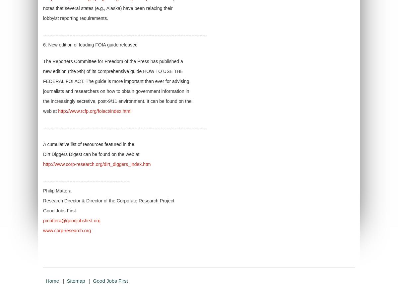 The image size is (398, 290). I want to click on 'Philip Mattera', so click(43, 190).